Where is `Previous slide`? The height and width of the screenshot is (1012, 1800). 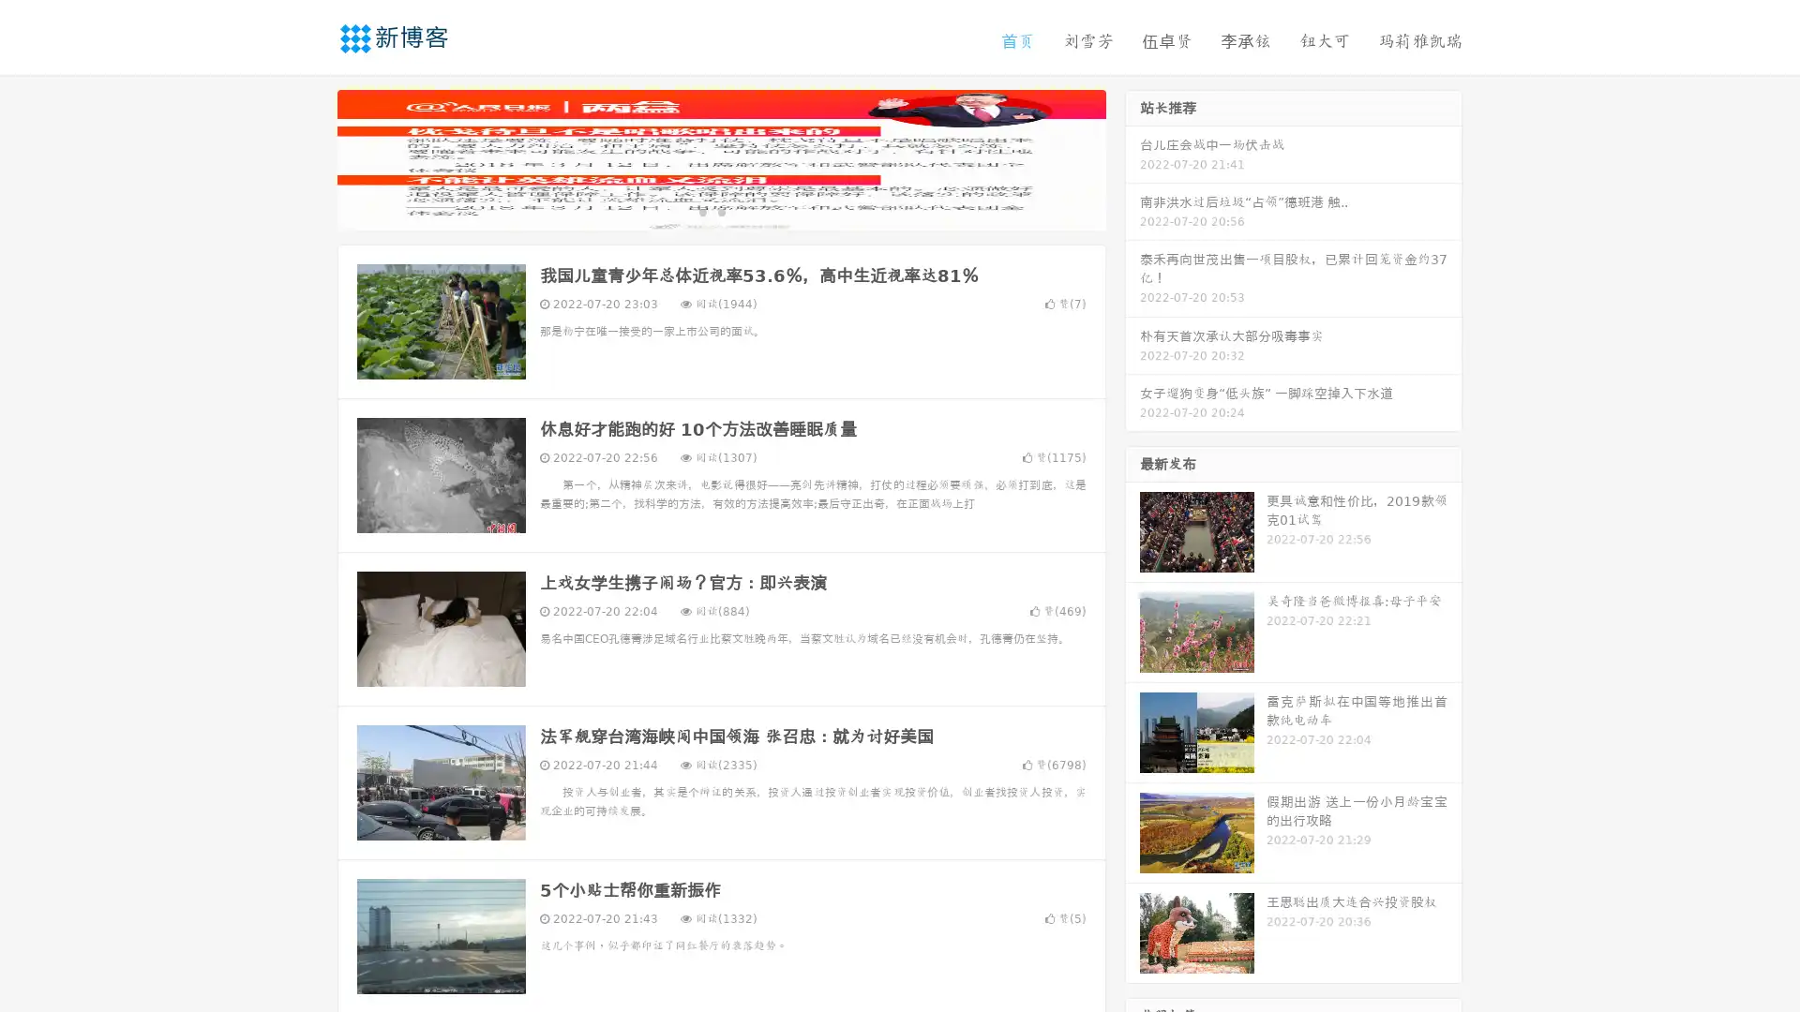
Previous slide is located at coordinates (309, 157).